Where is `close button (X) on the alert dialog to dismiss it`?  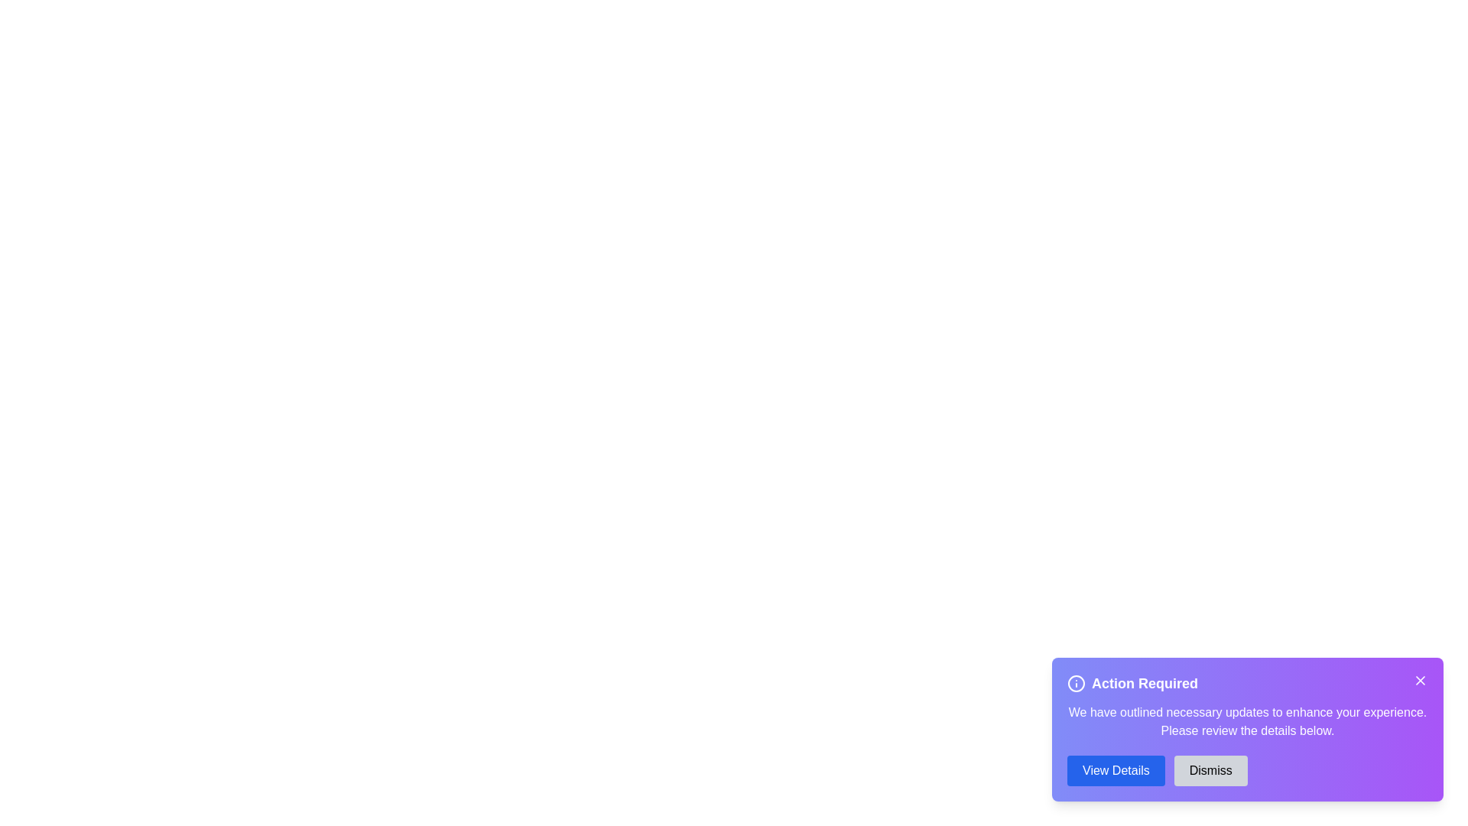
close button (X) on the alert dialog to dismiss it is located at coordinates (1419, 680).